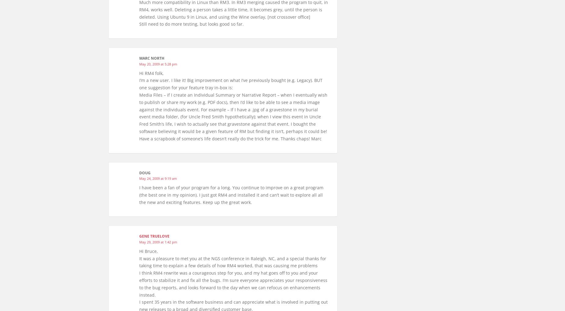  I want to click on 'I have been a fan of your program for a long. You continue to improve on a great program (the best one in my opinion). I just got RM4 and installed it and can’t wait to explore all all the new and exciting features. Keep up the great work.', so click(231, 194).